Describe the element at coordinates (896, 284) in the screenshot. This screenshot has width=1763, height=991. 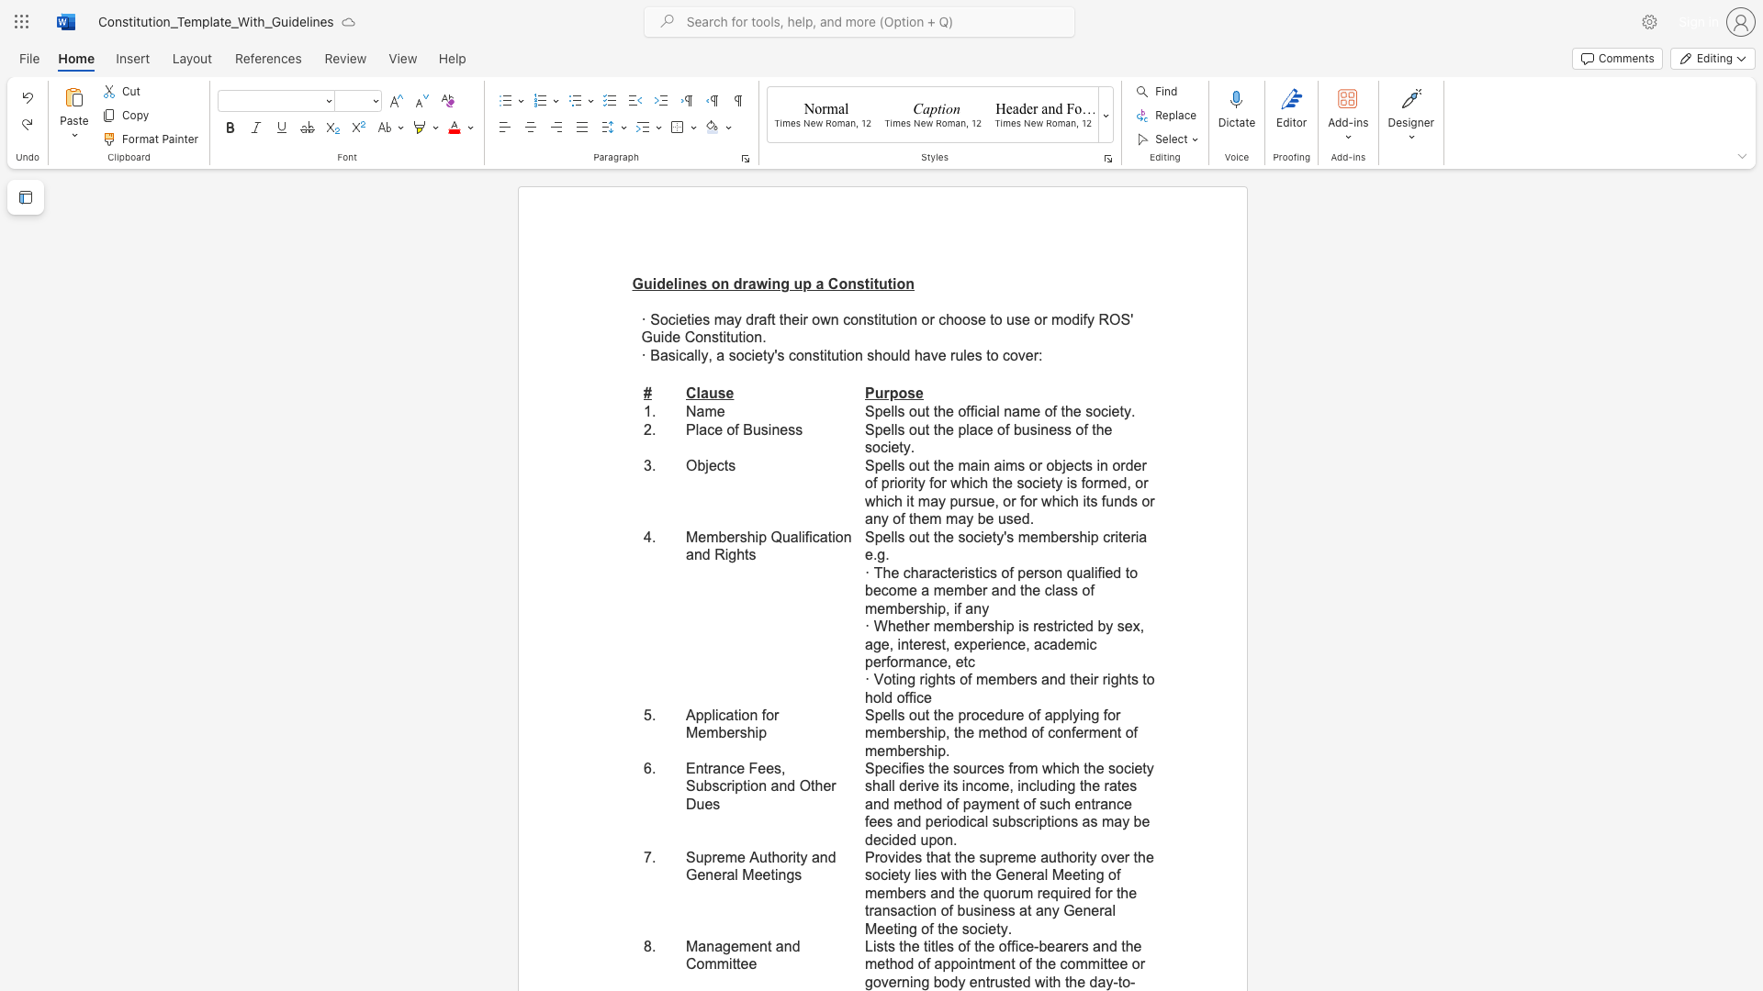
I see `the subset text "on" within the text "Guidelines on drawing up a Constitution"` at that location.